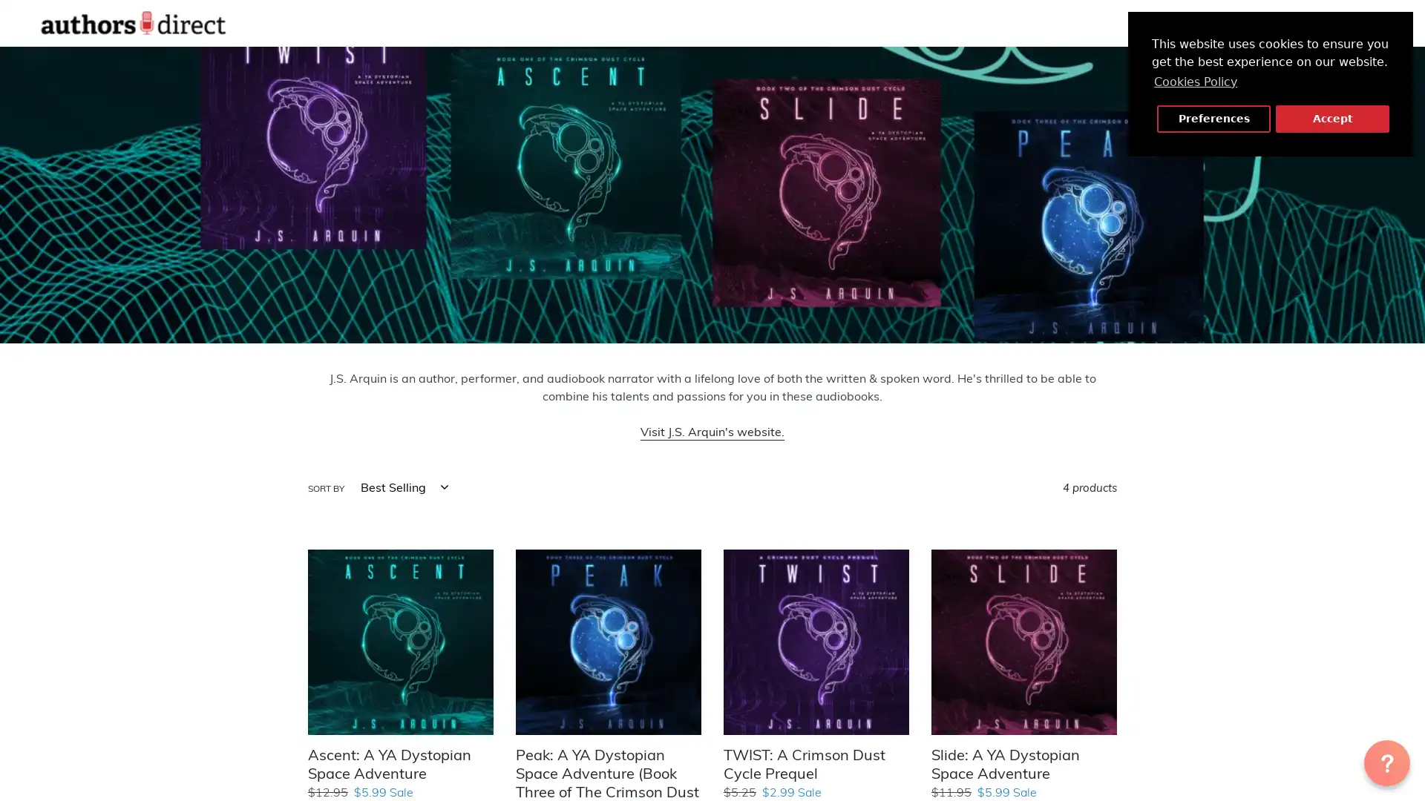 Image resolution: width=1425 pixels, height=801 pixels. I want to click on Accept, so click(1332, 118).